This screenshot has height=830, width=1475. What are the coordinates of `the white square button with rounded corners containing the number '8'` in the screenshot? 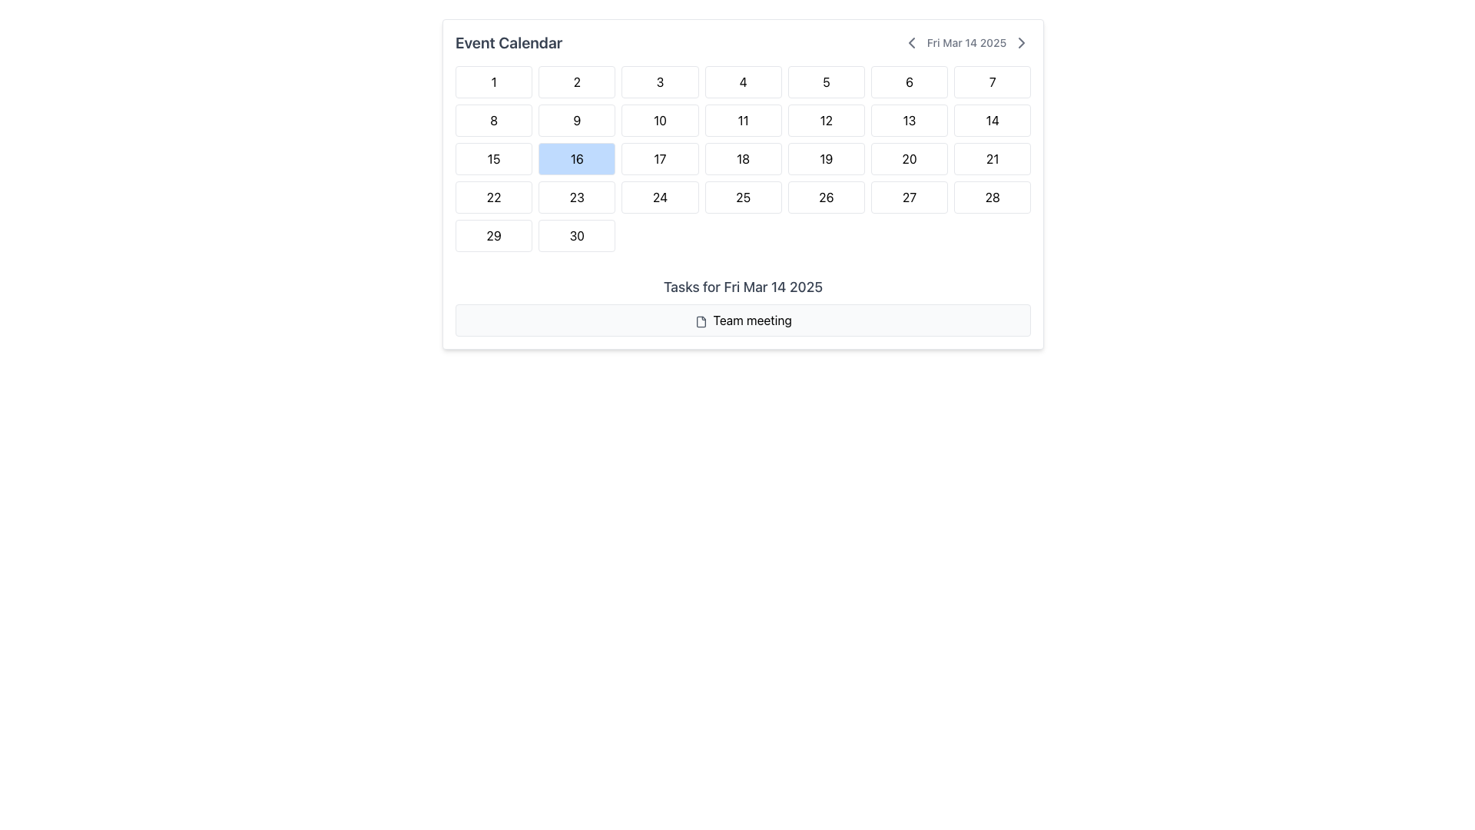 It's located at (494, 120).